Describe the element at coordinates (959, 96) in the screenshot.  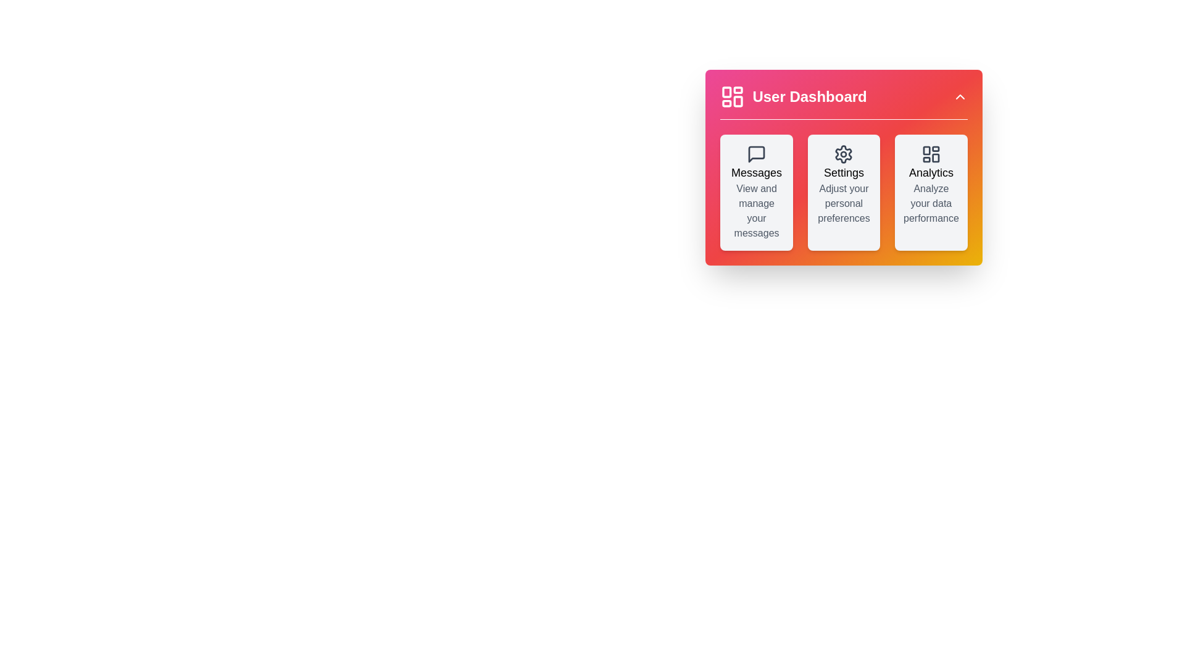
I see `the SVG icon located at the top-right corner of the 'User Dashboard' header to trigger hover effects` at that location.